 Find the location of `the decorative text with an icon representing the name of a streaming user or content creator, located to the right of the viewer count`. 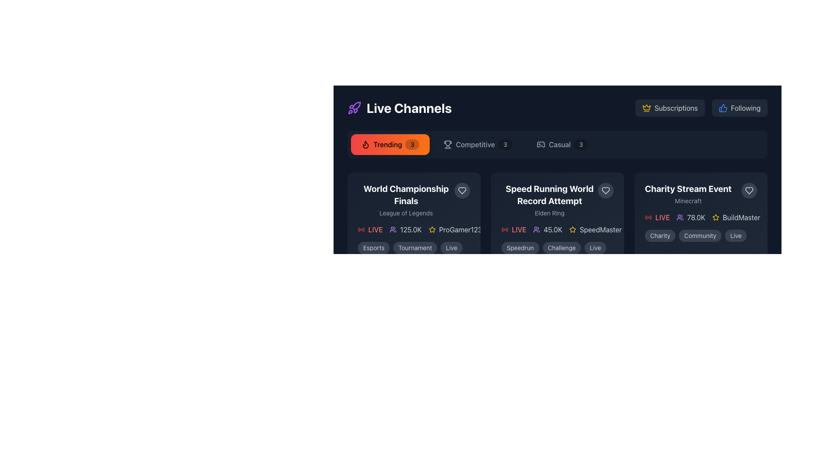

the decorative text with an icon representing the name of a streaming user or content creator, located to the right of the viewer count is located at coordinates (454, 229).